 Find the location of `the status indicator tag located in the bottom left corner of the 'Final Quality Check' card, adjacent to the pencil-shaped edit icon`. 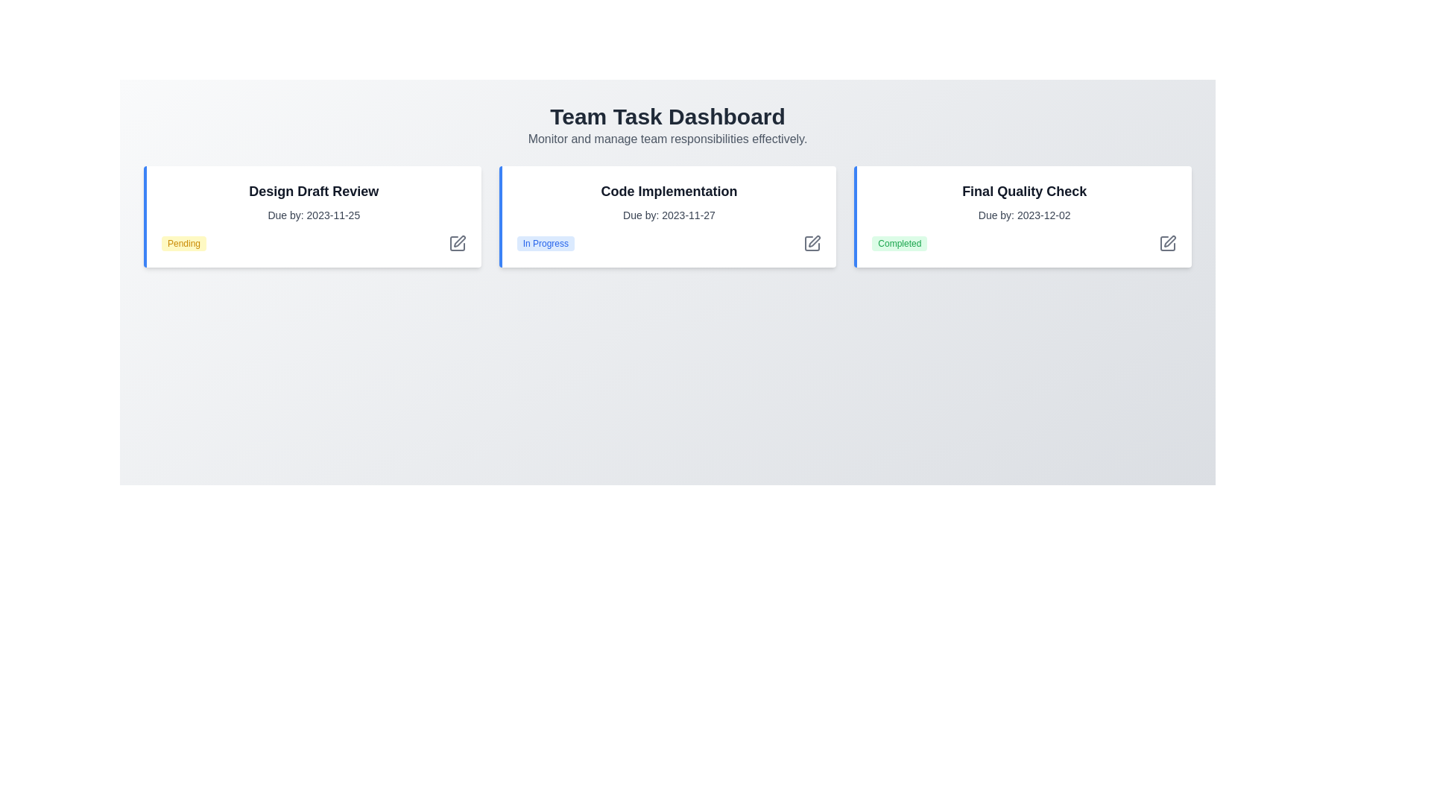

the status indicator tag located in the bottom left corner of the 'Final Quality Check' card, adjacent to the pencil-shaped edit icon is located at coordinates (899, 243).